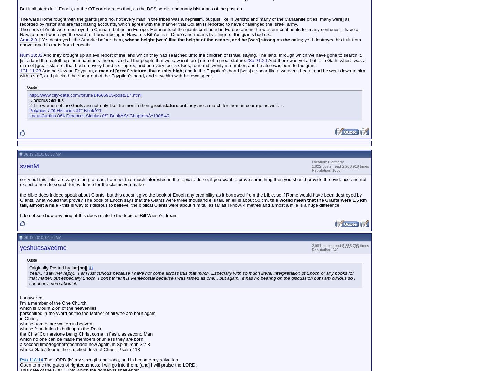  I want to click on '1Ch 11:23', so click(30, 70).